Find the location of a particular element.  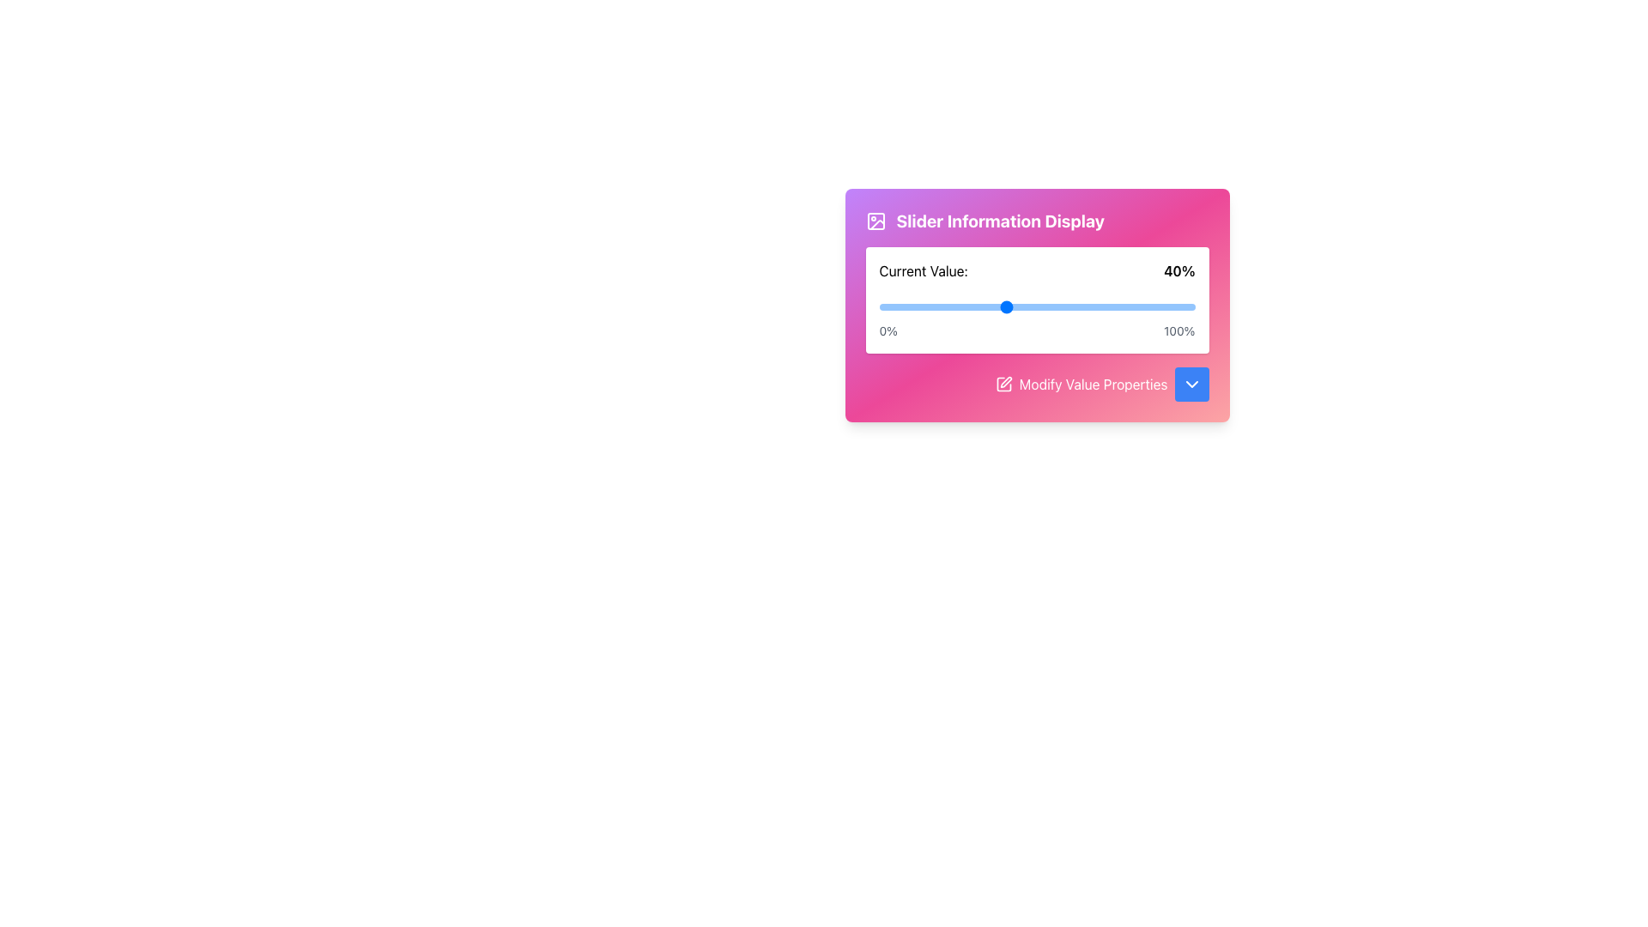

the Static Text element displaying '0%', which is styled in gray color and located near the left edge of a progress bar is located at coordinates (888, 330).